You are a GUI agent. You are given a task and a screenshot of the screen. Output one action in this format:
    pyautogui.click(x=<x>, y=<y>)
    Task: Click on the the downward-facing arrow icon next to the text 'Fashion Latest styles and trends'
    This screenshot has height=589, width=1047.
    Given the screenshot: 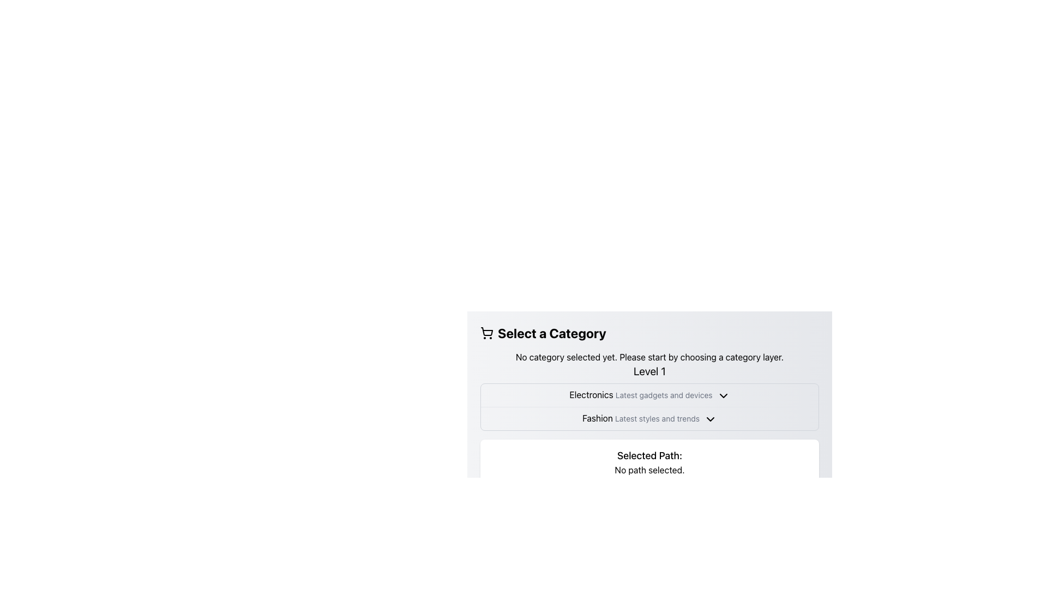 What is the action you would take?
    pyautogui.click(x=649, y=418)
    